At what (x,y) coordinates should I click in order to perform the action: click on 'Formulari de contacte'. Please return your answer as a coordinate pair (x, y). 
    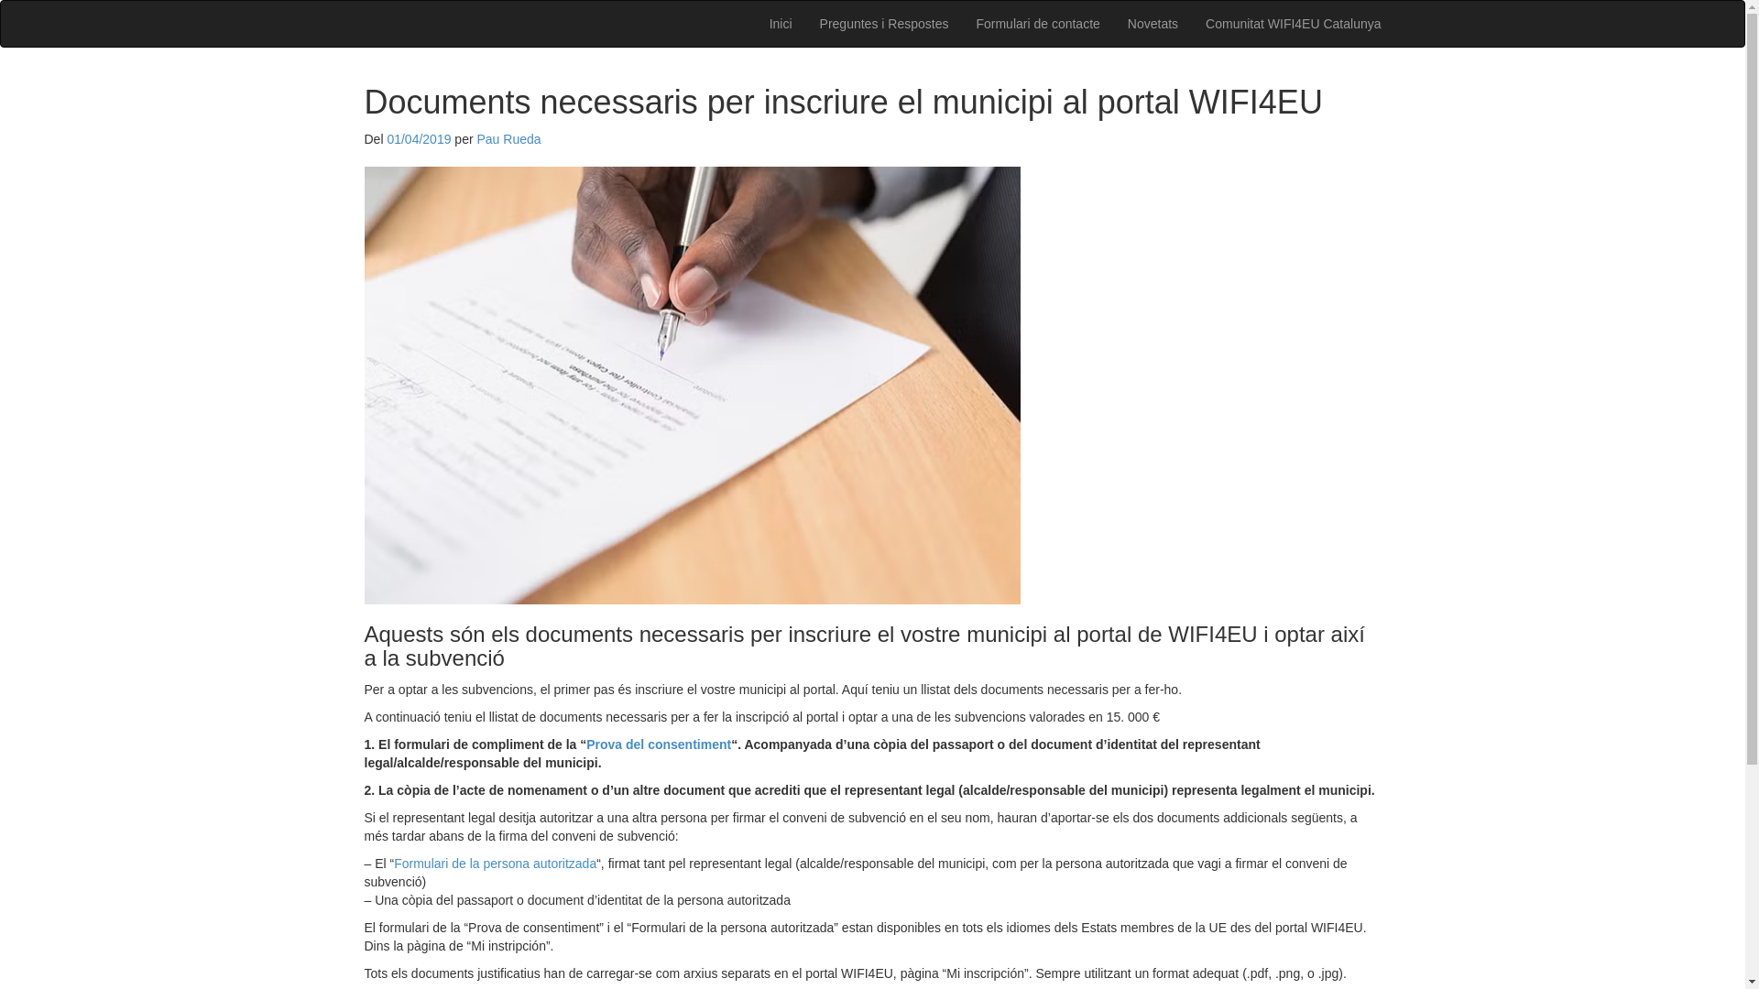
    Looking at the image, I should click on (1037, 24).